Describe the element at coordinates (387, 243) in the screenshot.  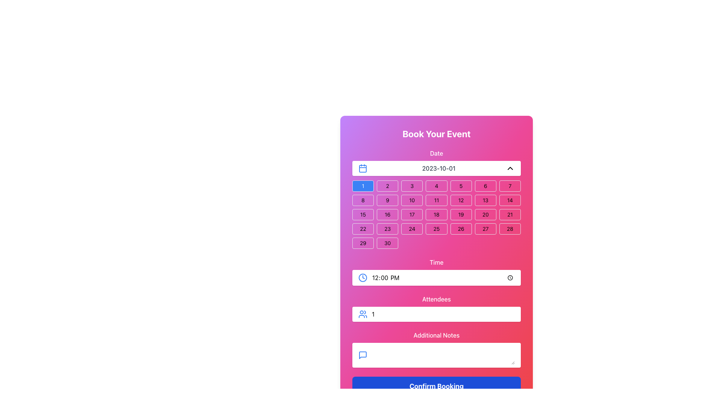
I see `the selectable date button '30' located at the bottom right corner of the calendar grid` at that location.